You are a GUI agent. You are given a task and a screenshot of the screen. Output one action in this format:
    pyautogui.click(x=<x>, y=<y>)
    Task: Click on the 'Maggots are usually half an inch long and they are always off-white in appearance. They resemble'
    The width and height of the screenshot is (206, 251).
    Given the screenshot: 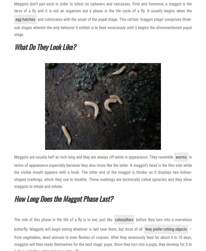 What is the action you would take?
    pyautogui.click(x=94, y=157)
    